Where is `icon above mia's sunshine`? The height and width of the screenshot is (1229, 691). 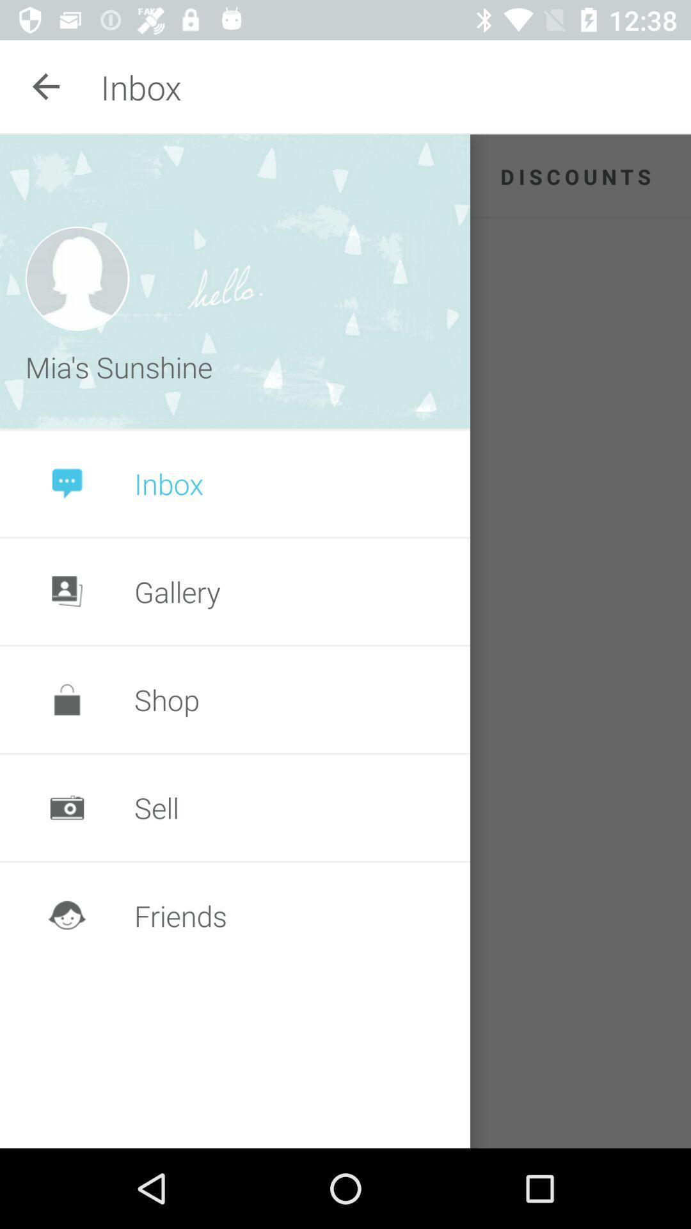
icon above mia's sunshine is located at coordinates (77, 278).